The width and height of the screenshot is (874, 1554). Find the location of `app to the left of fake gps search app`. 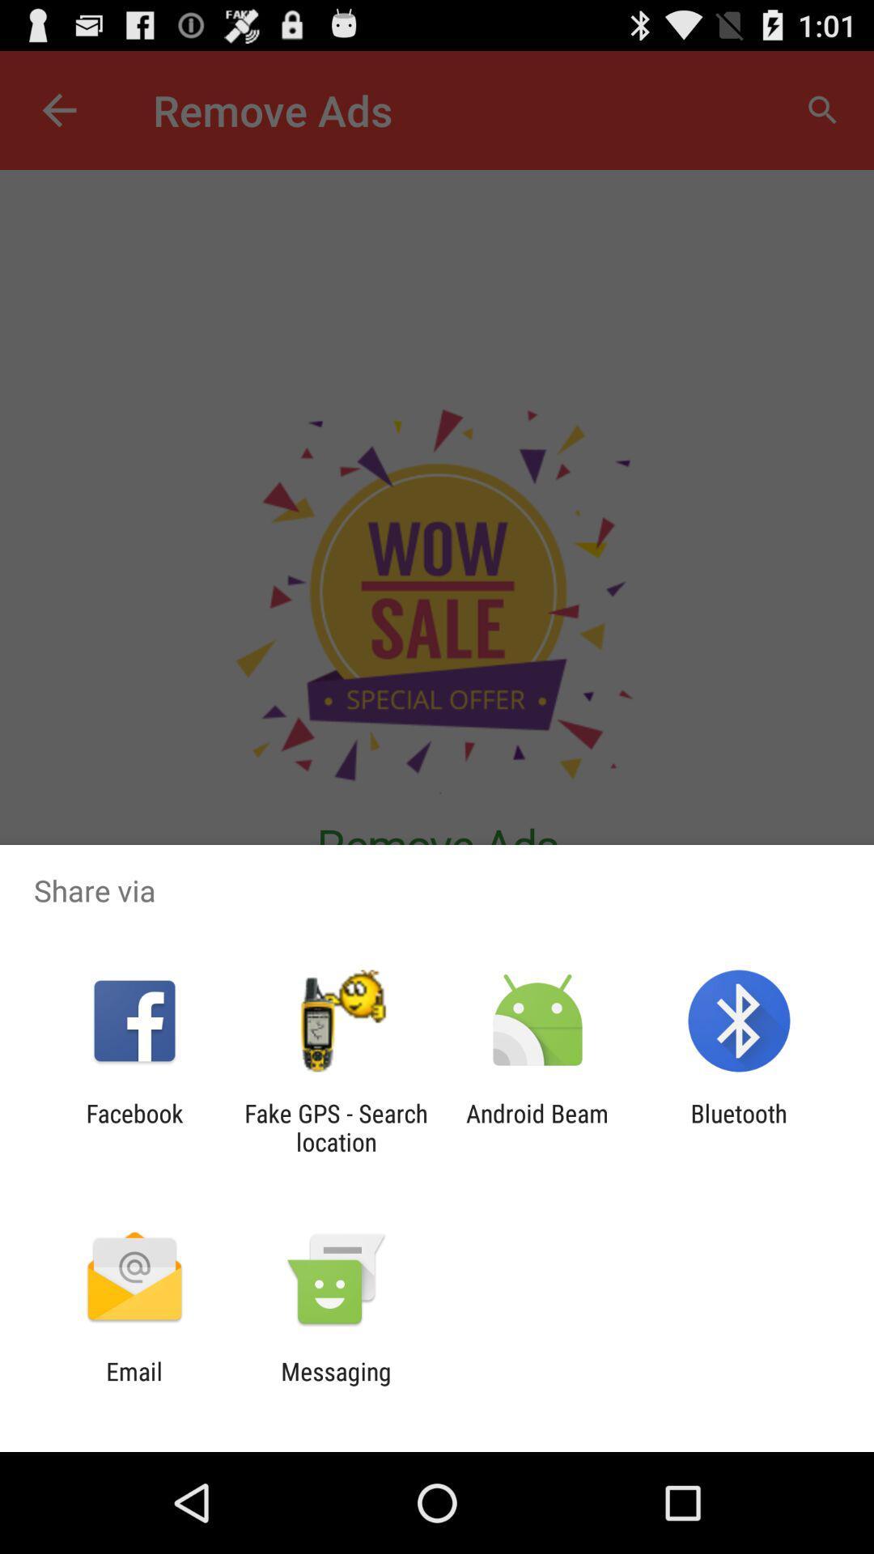

app to the left of fake gps search app is located at coordinates (134, 1127).